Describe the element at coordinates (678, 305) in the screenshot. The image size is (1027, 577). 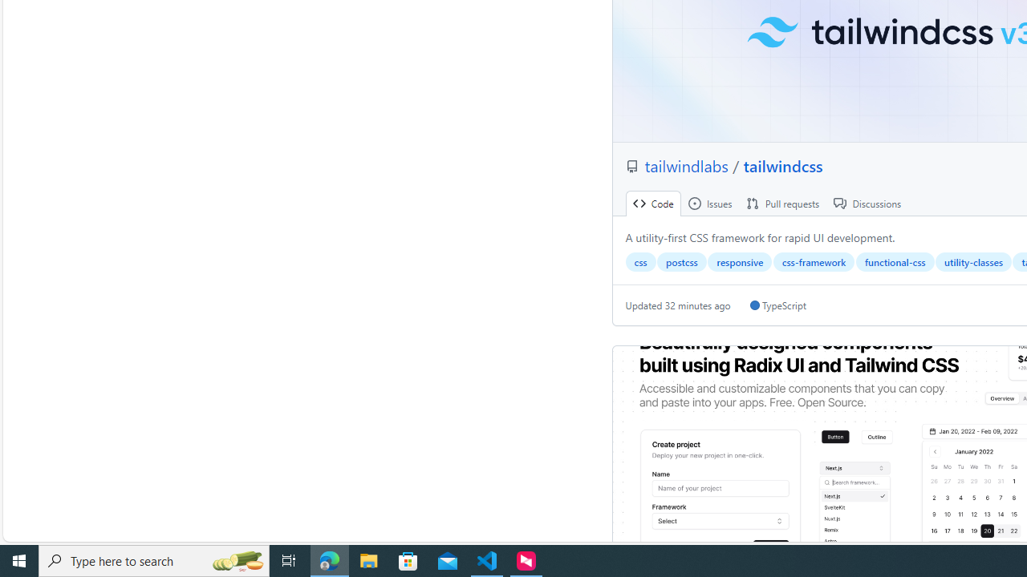
I see `'Updated 32 minutes ago'` at that location.